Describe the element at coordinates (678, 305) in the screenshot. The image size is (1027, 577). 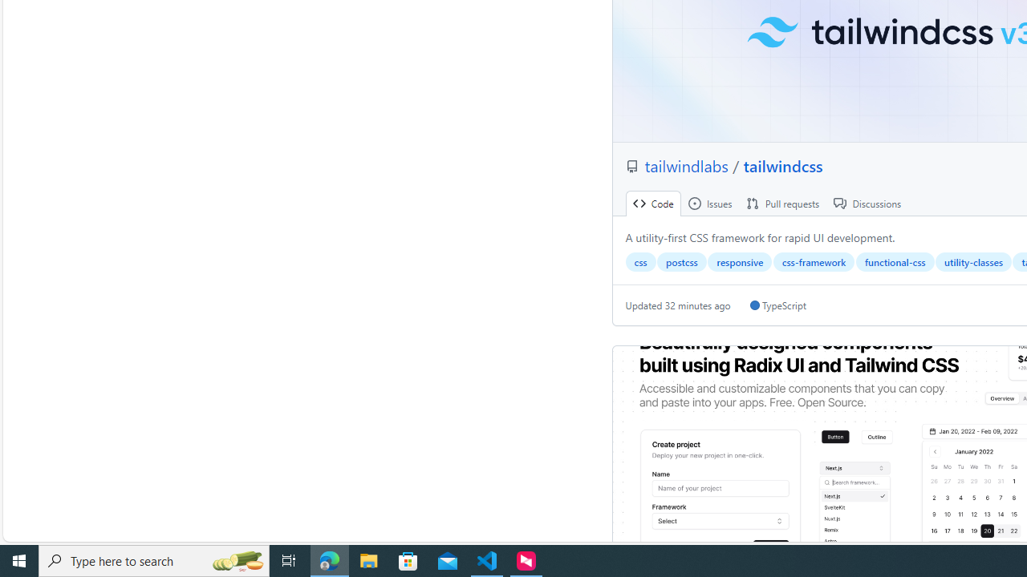
I see `'Updated 32 minutes ago'` at that location.